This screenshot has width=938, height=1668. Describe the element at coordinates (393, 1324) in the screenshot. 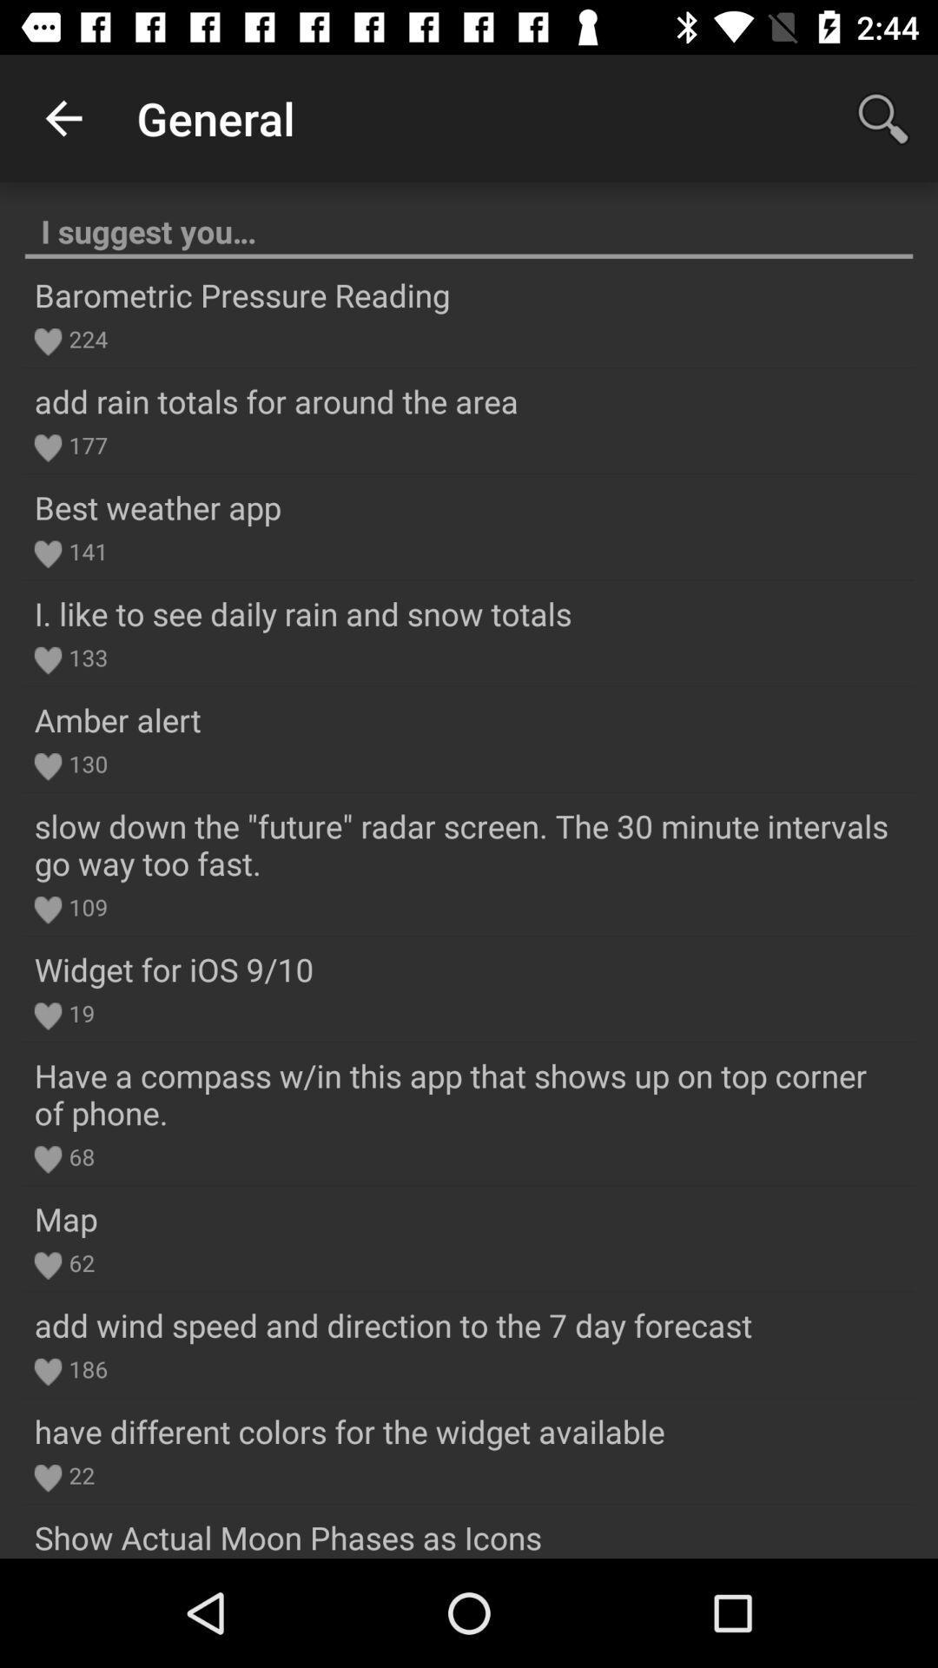

I see `the add wind speed` at that location.